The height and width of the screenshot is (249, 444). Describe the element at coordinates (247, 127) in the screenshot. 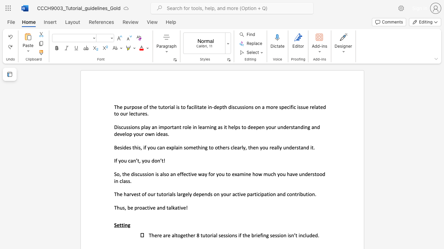

I see `the subset text "deepen your understanding and develop your own i" within the text "Discussions play an important role in learning as it helps to deepen your understanding and develop your own ideas."` at that location.